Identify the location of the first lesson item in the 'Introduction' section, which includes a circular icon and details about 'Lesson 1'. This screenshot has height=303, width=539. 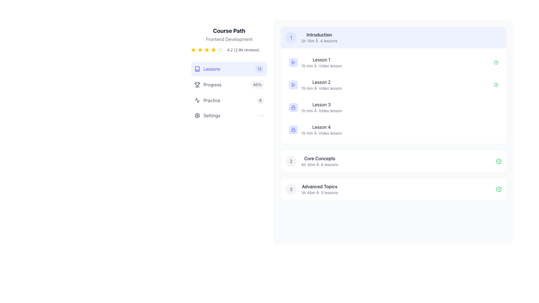
(315, 63).